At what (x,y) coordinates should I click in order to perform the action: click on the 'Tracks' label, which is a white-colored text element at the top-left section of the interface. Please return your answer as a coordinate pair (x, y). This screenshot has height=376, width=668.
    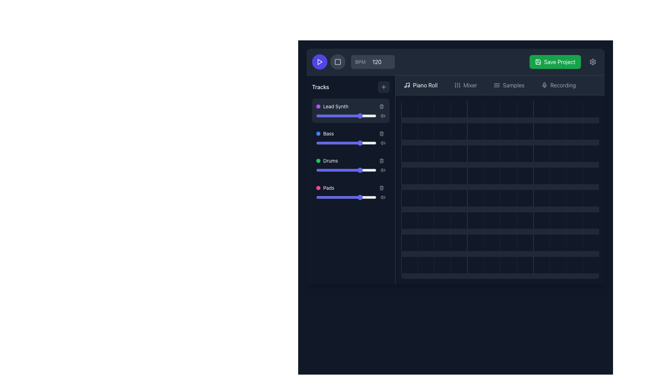
    Looking at the image, I should click on (320, 87).